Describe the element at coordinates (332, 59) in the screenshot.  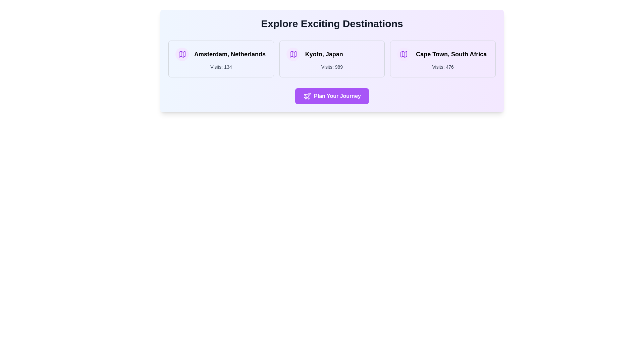
I see `the destination card for Kyoto, Japan` at that location.